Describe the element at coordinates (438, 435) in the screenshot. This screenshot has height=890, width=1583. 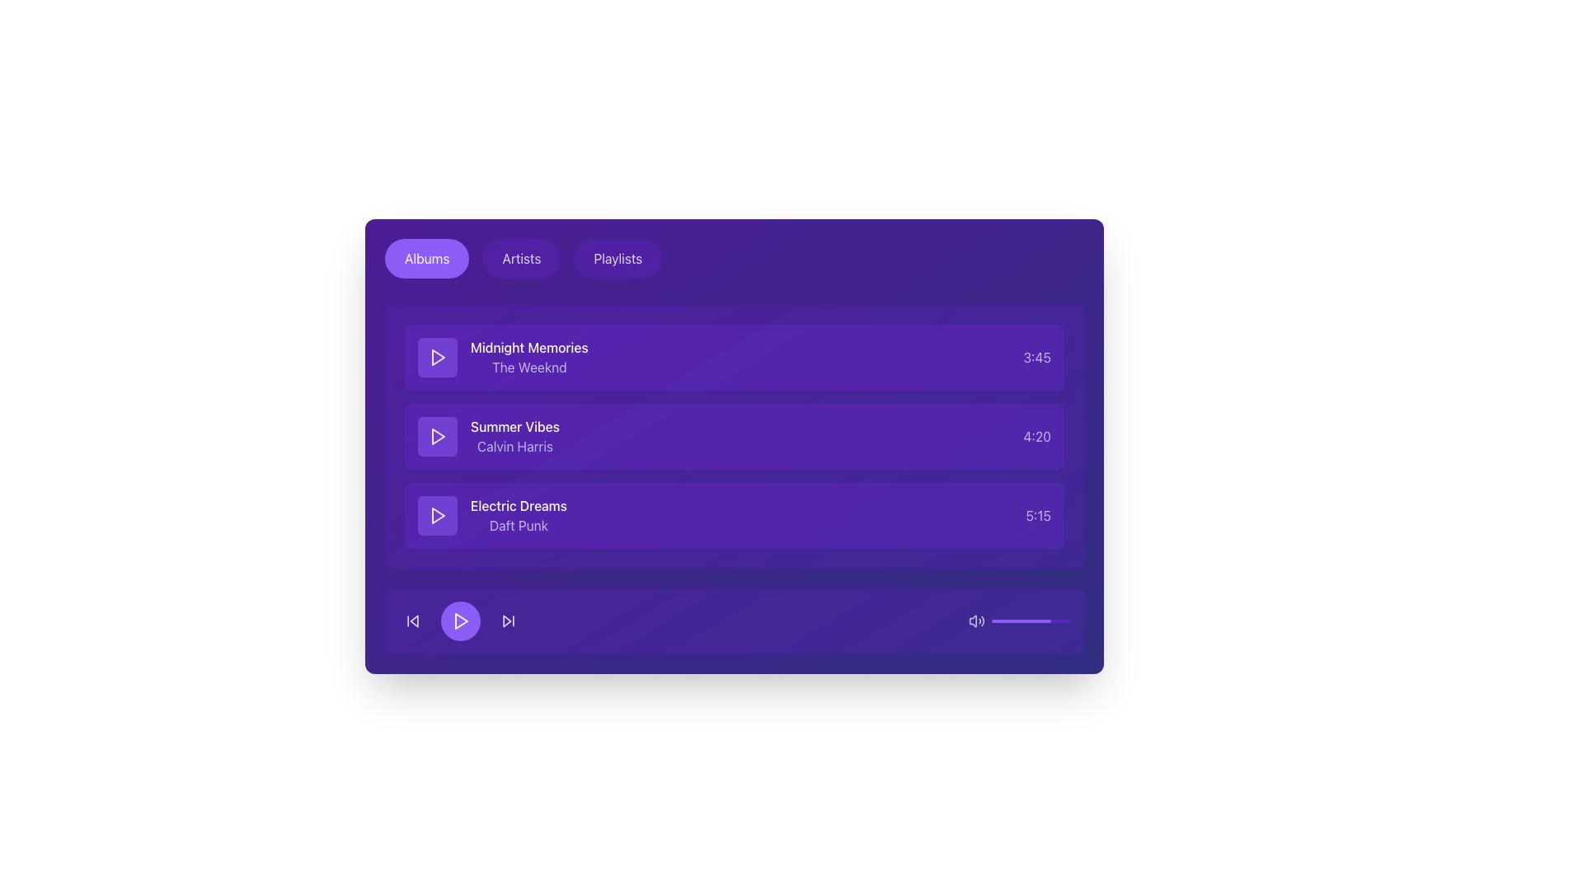
I see `the play button icon, a triangular play symbol in light violet color, located on the left side of the 'Summer Vibes' track list entry` at that location.